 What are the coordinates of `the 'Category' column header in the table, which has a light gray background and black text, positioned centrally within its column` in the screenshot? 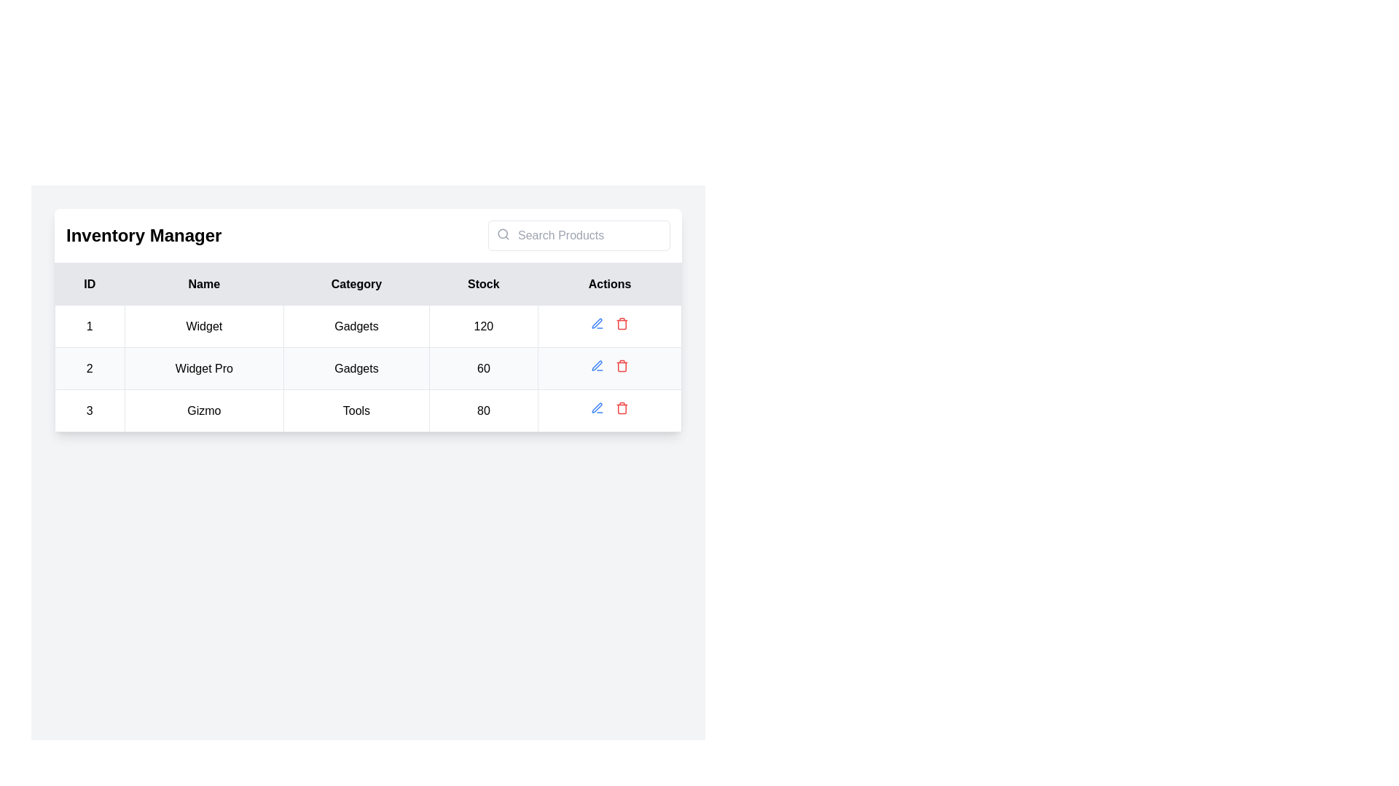 It's located at (368, 284).